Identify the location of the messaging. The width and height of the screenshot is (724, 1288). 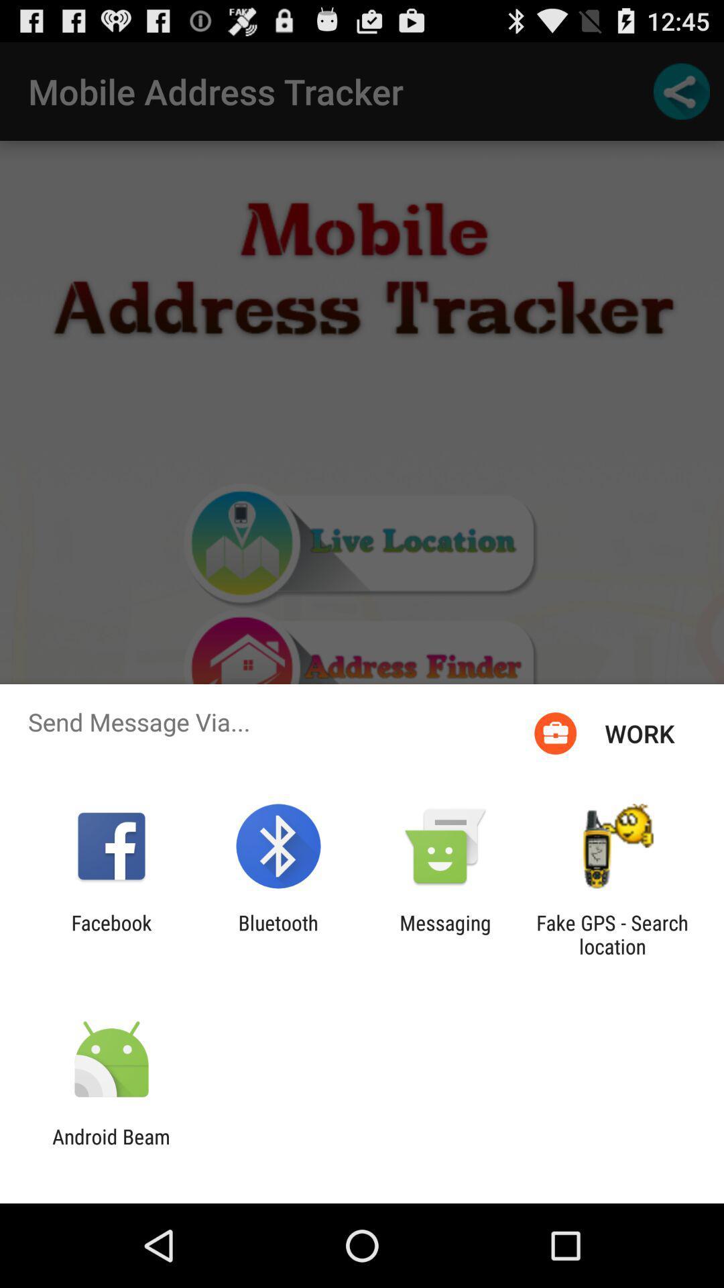
(445, 934).